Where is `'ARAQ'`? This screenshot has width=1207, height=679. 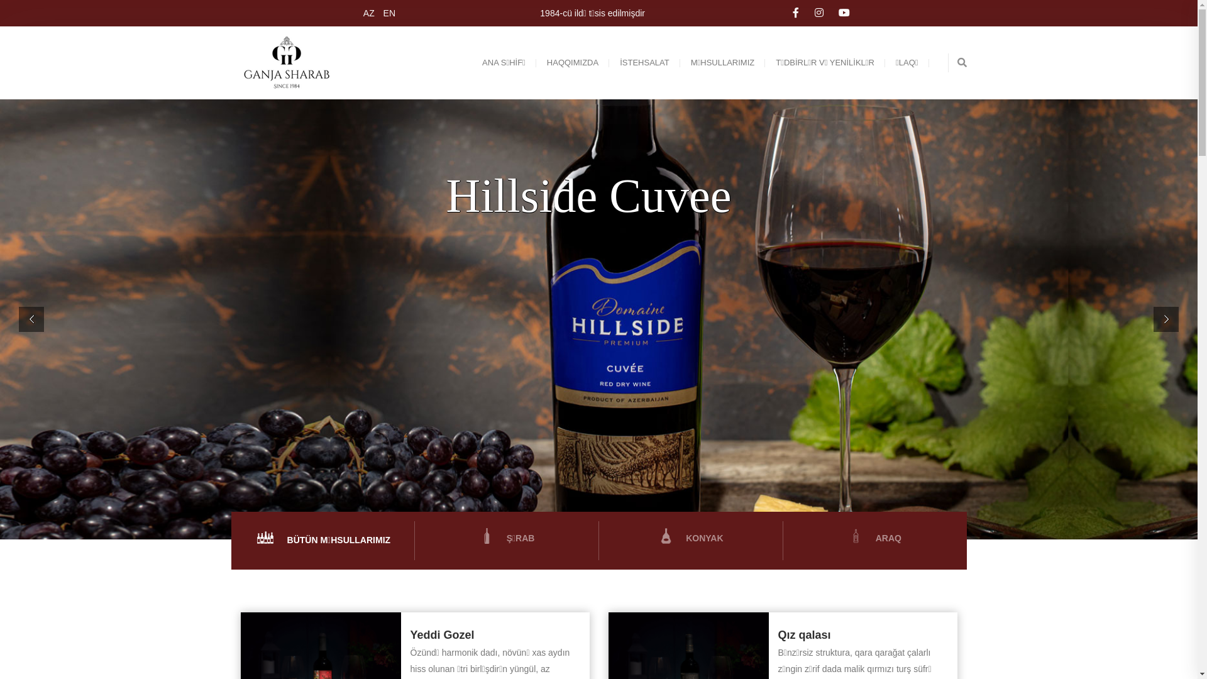 'ARAQ' is located at coordinates (874, 538).